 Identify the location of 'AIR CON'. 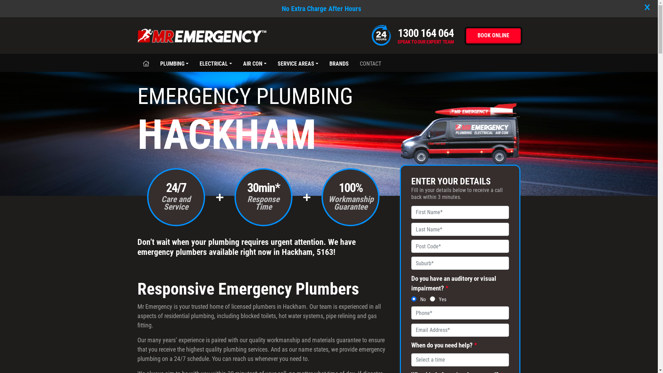
(237, 63).